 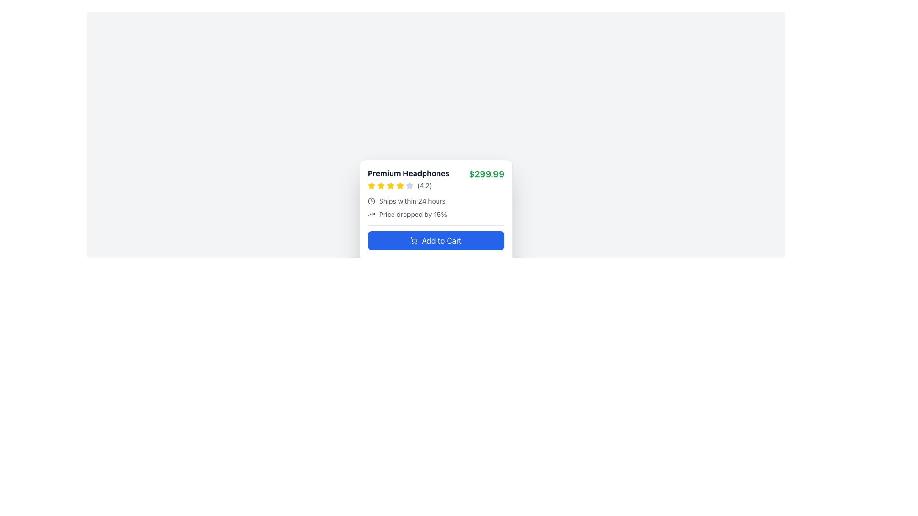 I want to click on the yellow star icon in the second position of the rating system to interact with the rating, so click(x=390, y=185).